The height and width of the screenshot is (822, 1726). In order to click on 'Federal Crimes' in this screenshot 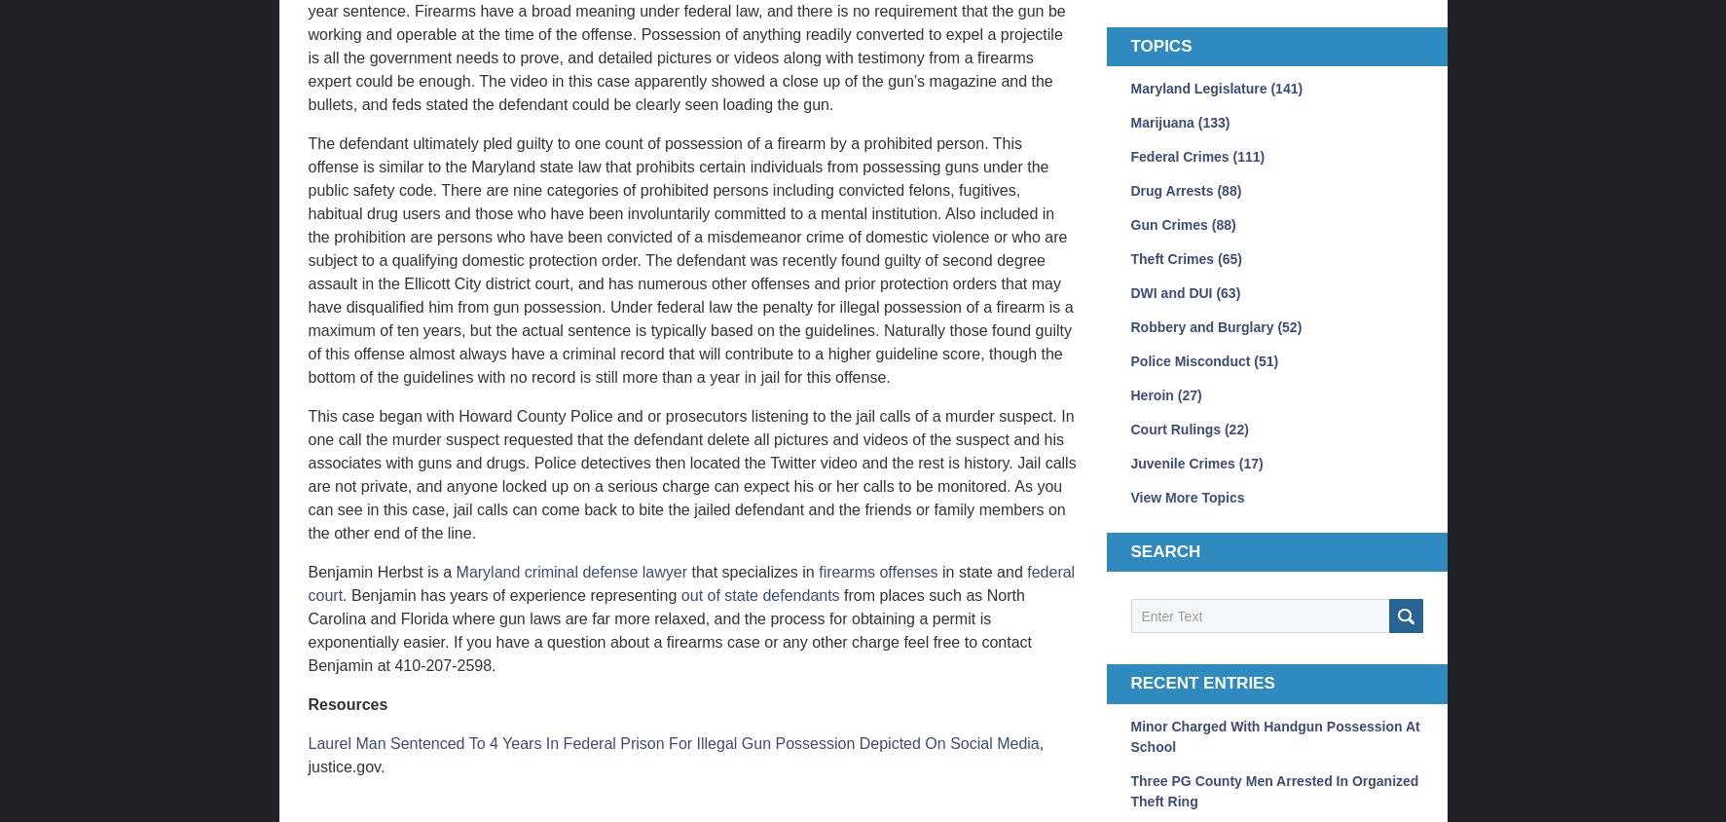, I will do `click(1180, 156)`.